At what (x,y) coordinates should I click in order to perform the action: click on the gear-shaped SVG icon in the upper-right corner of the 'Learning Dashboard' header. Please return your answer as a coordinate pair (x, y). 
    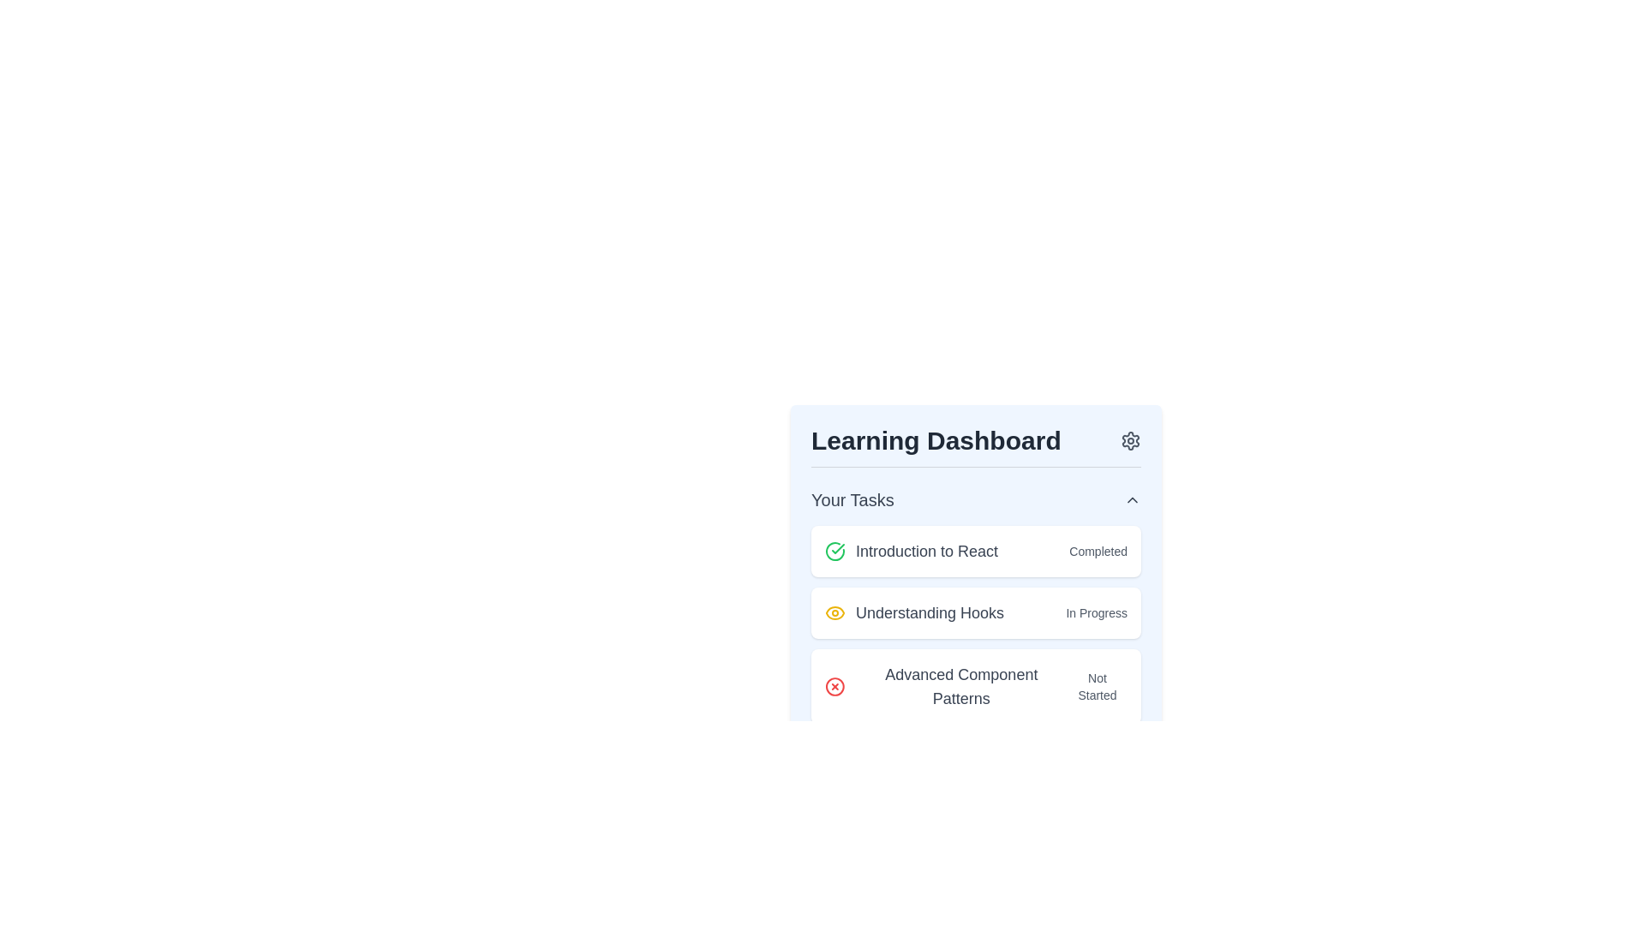
    Looking at the image, I should click on (1131, 440).